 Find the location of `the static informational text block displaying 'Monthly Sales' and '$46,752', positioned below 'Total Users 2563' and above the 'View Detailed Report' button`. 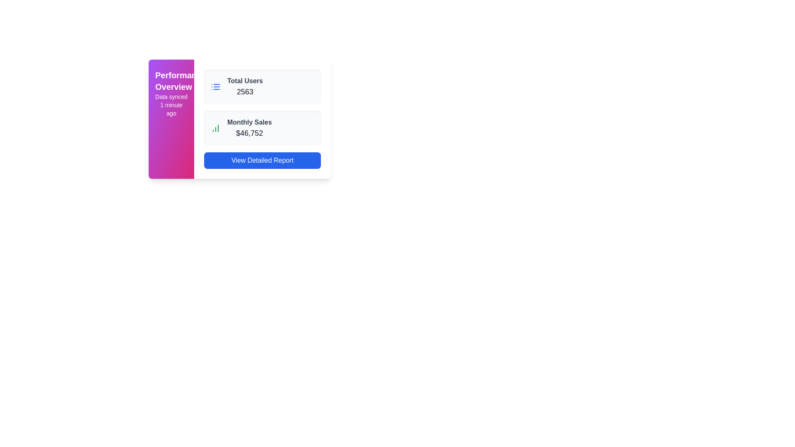

the static informational text block displaying 'Monthly Sales' and '$46,752', positioned below 'Total Users 2563' and above the 'View Detailed Report' button is located at coordinates (249, 128).